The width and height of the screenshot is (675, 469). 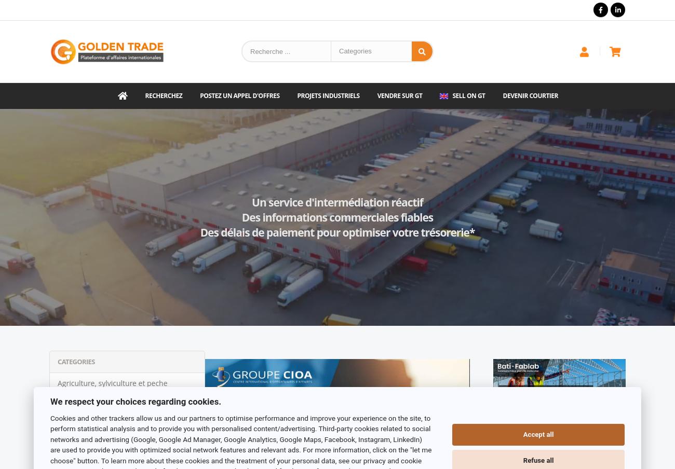 I want to click on 'Sell on GT', so click(x=468, y=95).